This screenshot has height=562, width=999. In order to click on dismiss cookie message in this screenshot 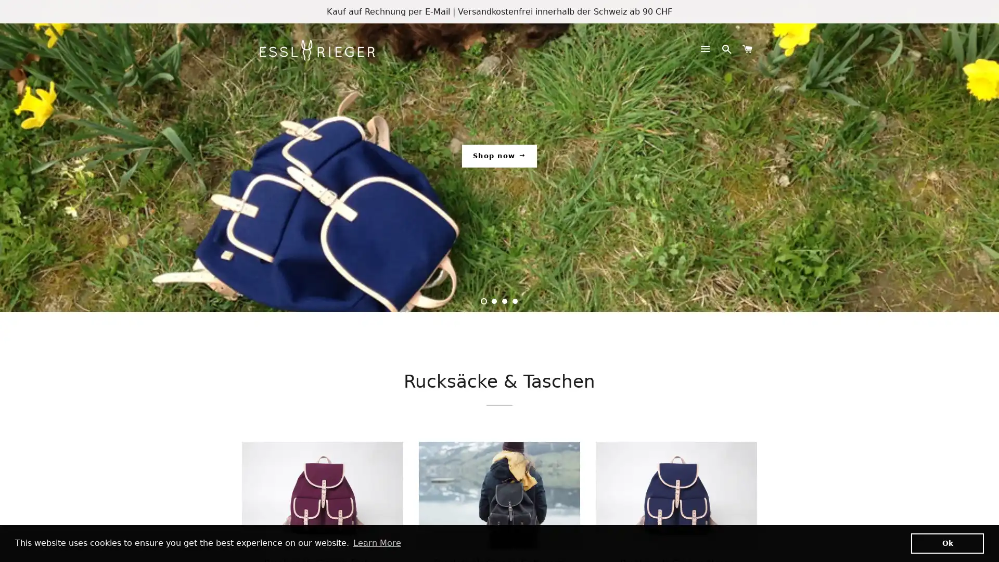, I will do `click(947, 543)`.